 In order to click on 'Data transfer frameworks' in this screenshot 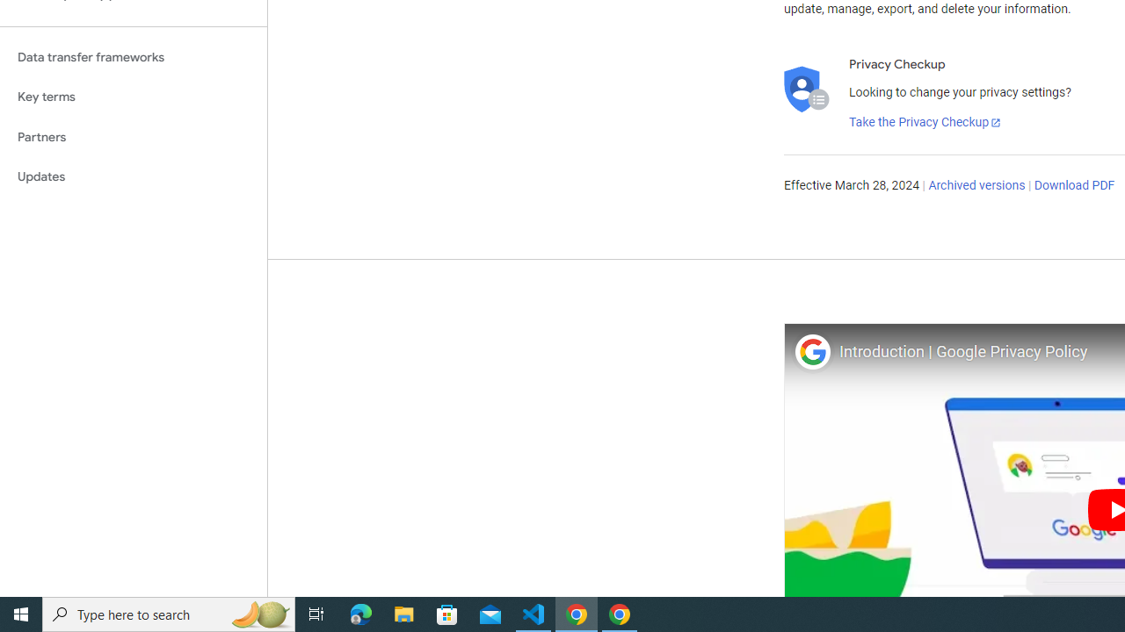, I will do `click(133, 56)`.